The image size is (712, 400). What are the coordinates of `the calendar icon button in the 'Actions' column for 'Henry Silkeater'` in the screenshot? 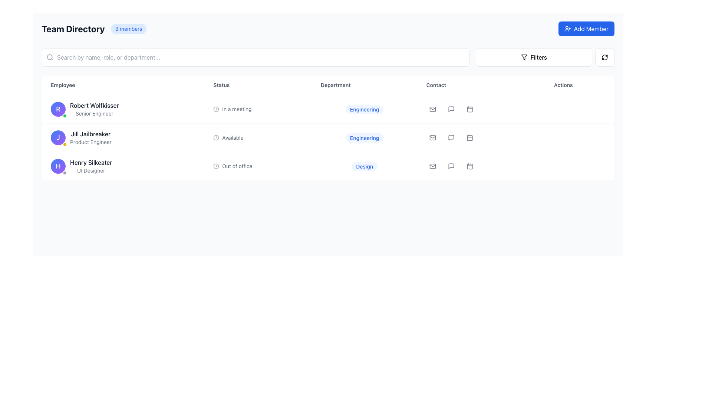 It's located at (469, 166).